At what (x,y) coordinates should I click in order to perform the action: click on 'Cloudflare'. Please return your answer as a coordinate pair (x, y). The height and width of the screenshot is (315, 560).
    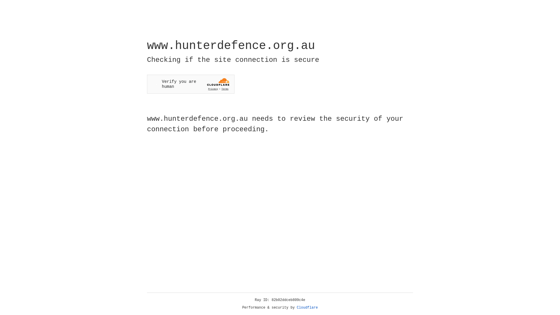
    Looking at the image, I should click on (307, 307).